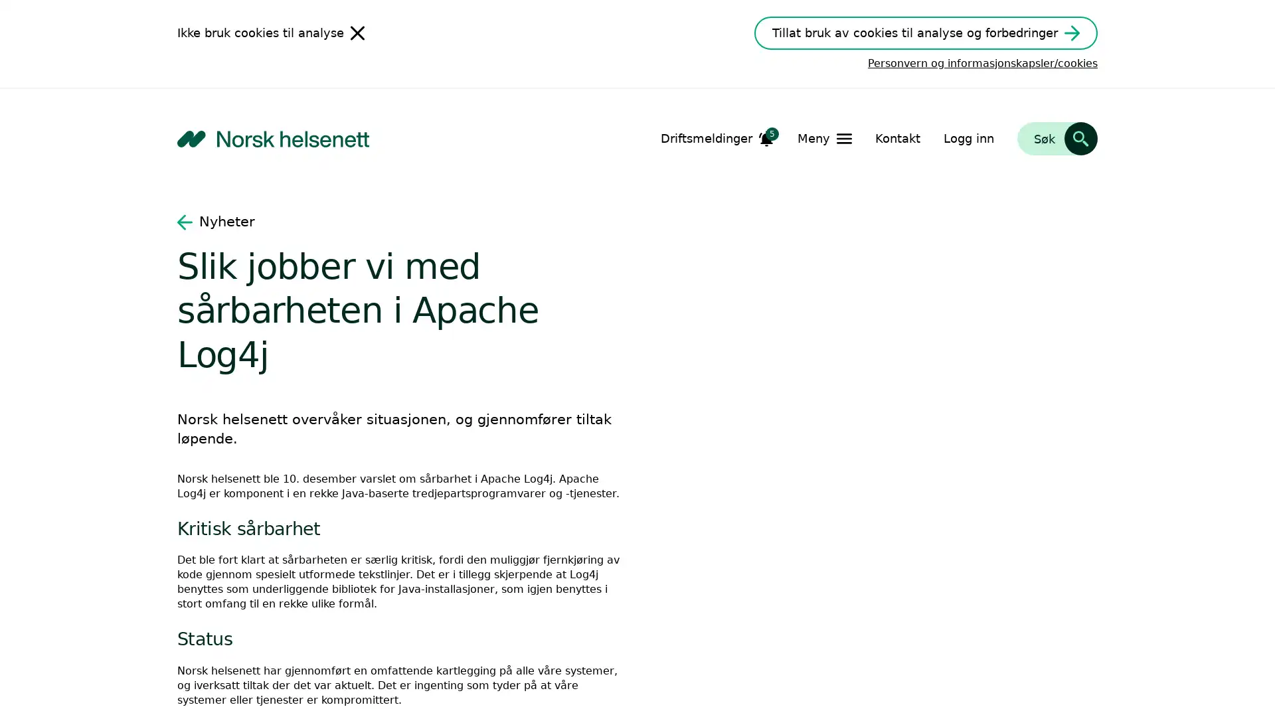  What do you see at coordinates (925, 33) in the screenshot?
I see `Tillat bruk av cookies til analyse og forbedringer` at bounding box center [925, 33].